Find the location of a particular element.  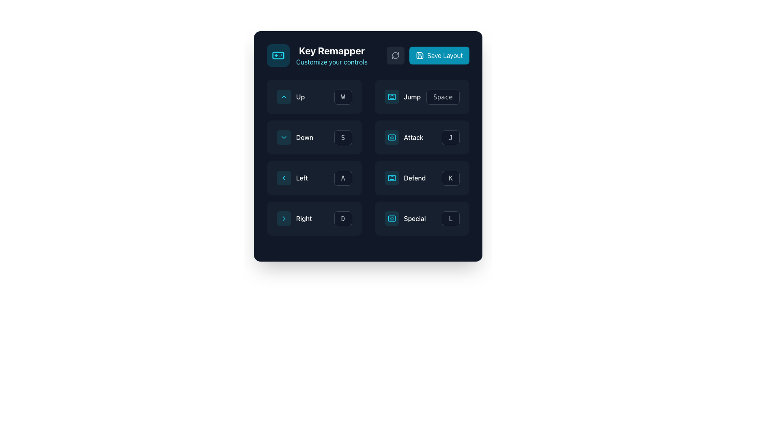

the 'D' key binding button, which is a rounded rectangle shaped button with a dark gray background, located in the bottom row of a 3x3 grid layout, second column from the left is located at coordinates (343, 218).